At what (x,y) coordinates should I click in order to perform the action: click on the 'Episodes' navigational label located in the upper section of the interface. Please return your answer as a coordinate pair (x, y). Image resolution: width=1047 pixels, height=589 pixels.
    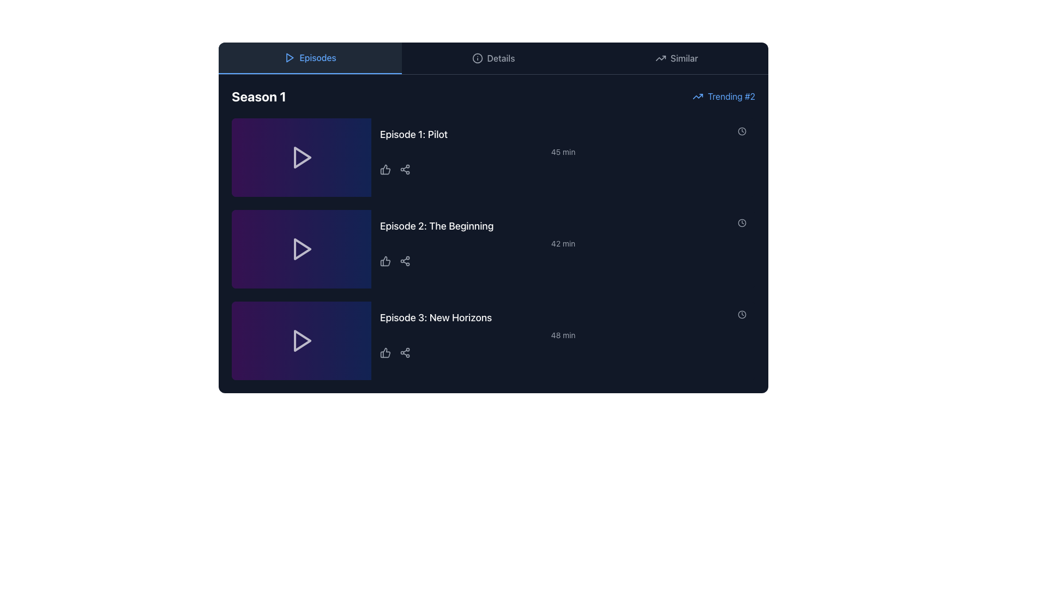
    Looking at the image, I should click on (317, 57).